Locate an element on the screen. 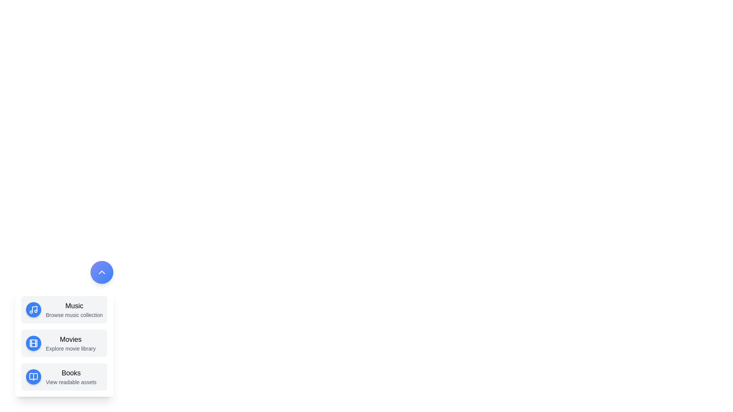 The image size is (733, 412). the toggle button to change the menu state is located at coordinates (102, 272).